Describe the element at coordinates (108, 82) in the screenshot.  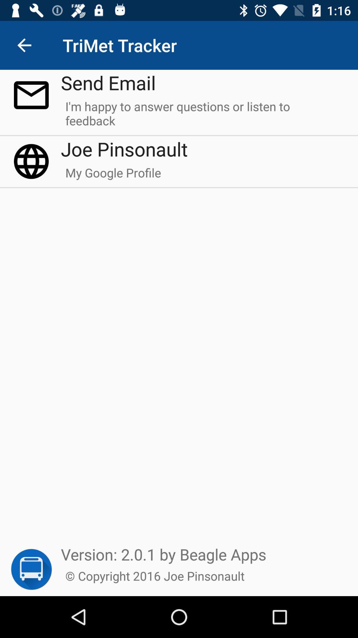
I see `icon above i m happy` at that location.